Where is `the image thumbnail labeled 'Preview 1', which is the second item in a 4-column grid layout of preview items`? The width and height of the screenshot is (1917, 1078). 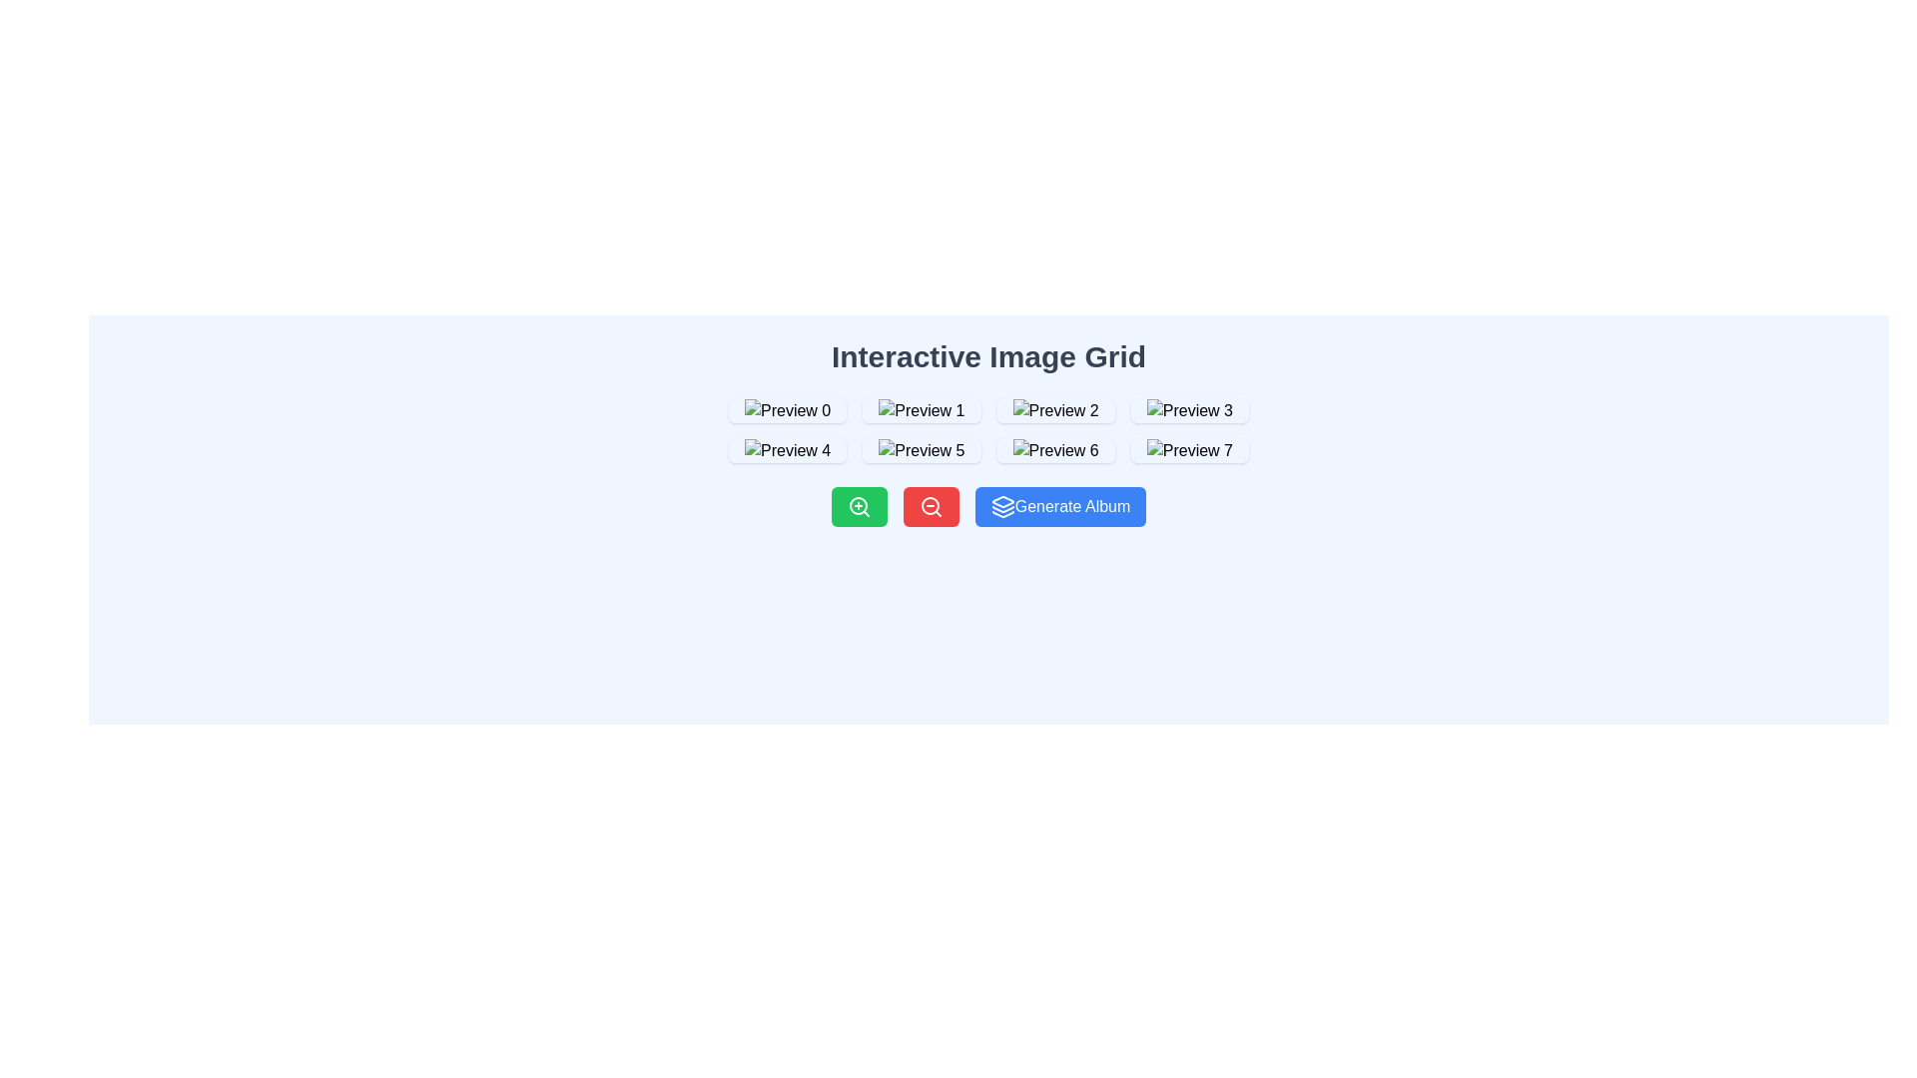
the image thumbnail labeled 'Preview 1', which is the second item in a 4-column grid layout of preview items is located at coordinates (921, 410).